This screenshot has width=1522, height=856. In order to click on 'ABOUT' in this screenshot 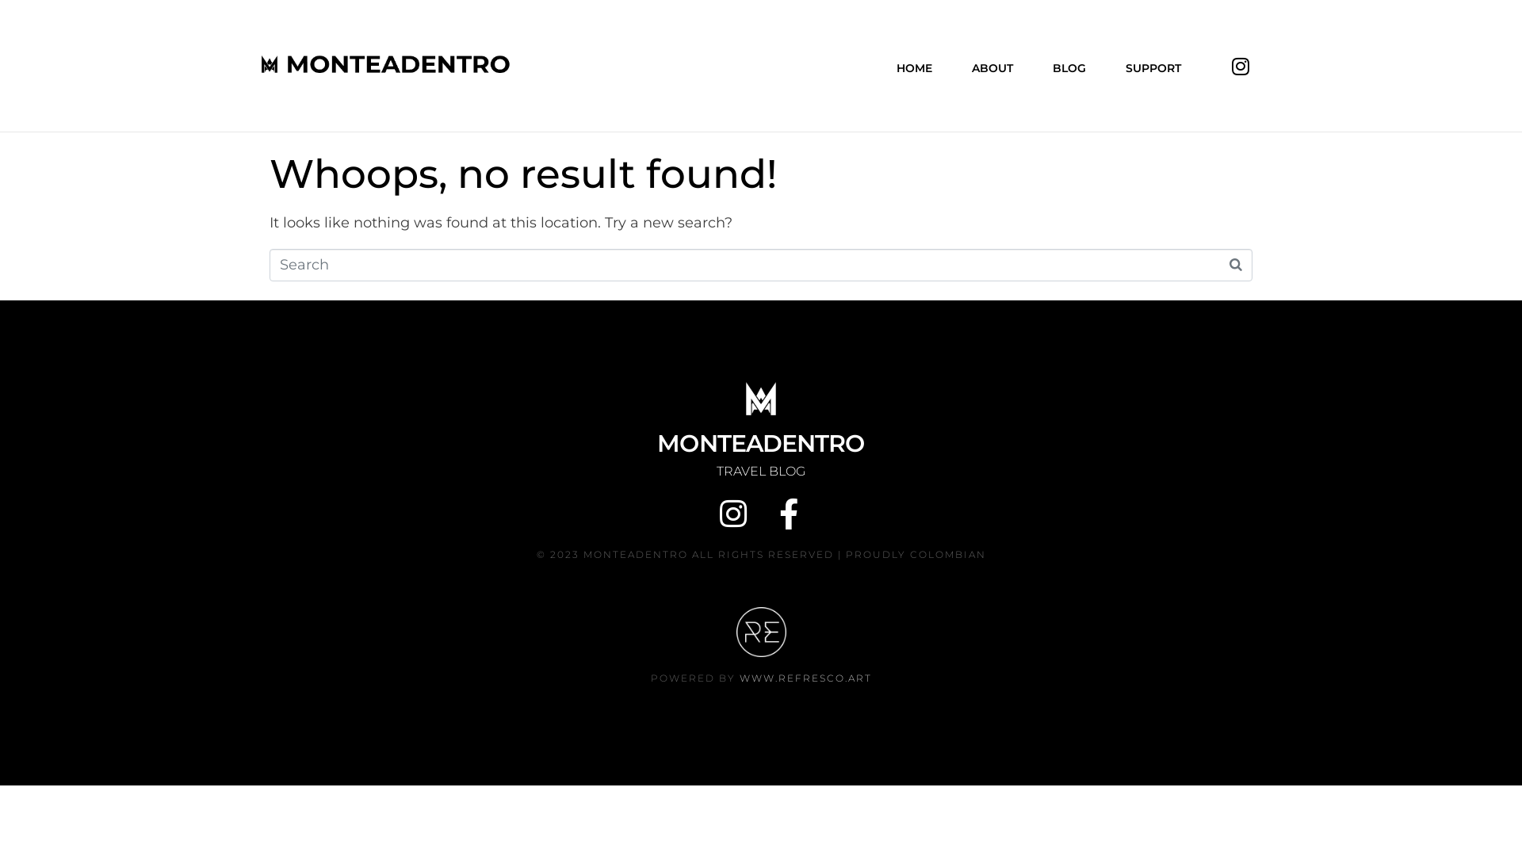, I will do `click(992, 65)`.